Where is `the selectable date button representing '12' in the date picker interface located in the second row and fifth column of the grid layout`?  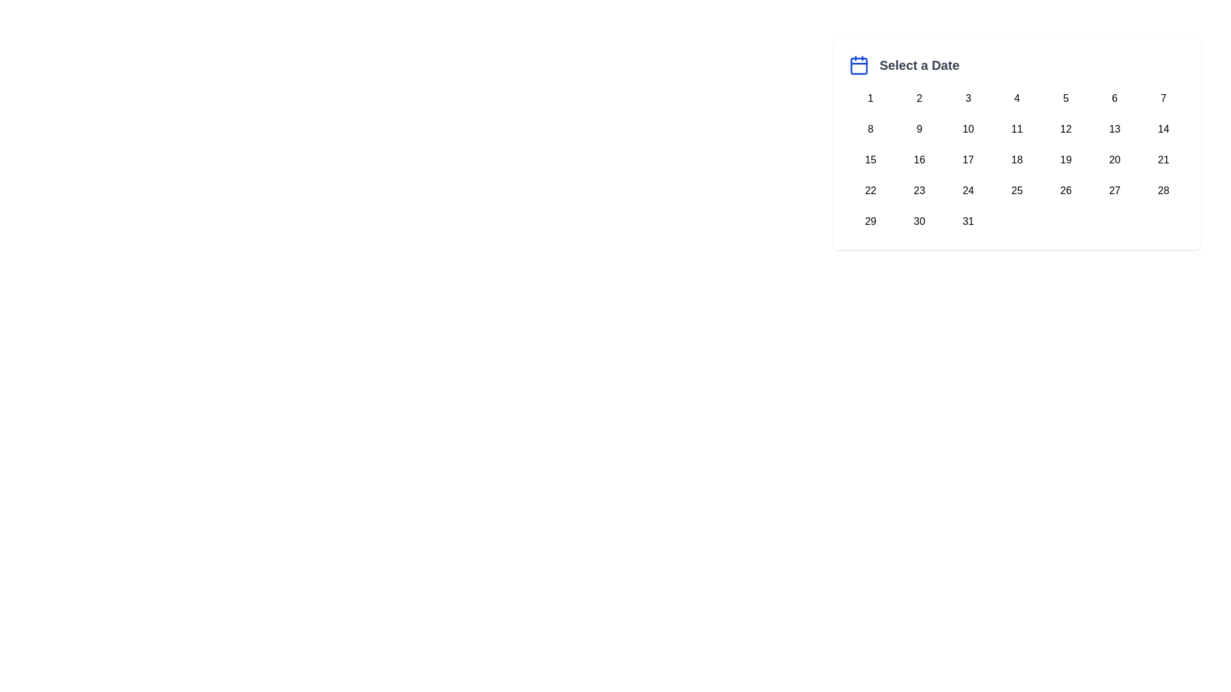
the selectable date button representing '12' in the date picker interface located in the second row and fifth column of the grid layout is located at coordinates (1066, 129).